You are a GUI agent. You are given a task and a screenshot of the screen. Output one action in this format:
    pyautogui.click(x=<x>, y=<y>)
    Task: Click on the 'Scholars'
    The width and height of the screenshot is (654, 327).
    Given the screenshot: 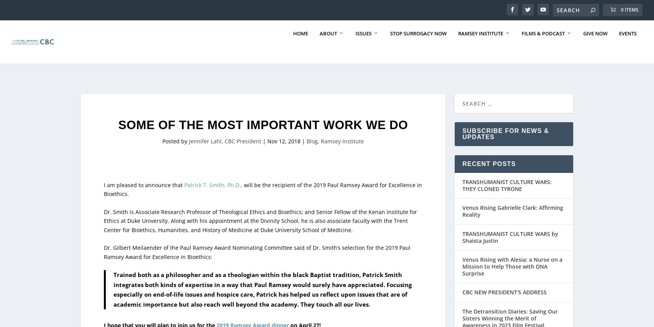 What is the action you would take?
    pyautogui.click(x=474, y=124)
    